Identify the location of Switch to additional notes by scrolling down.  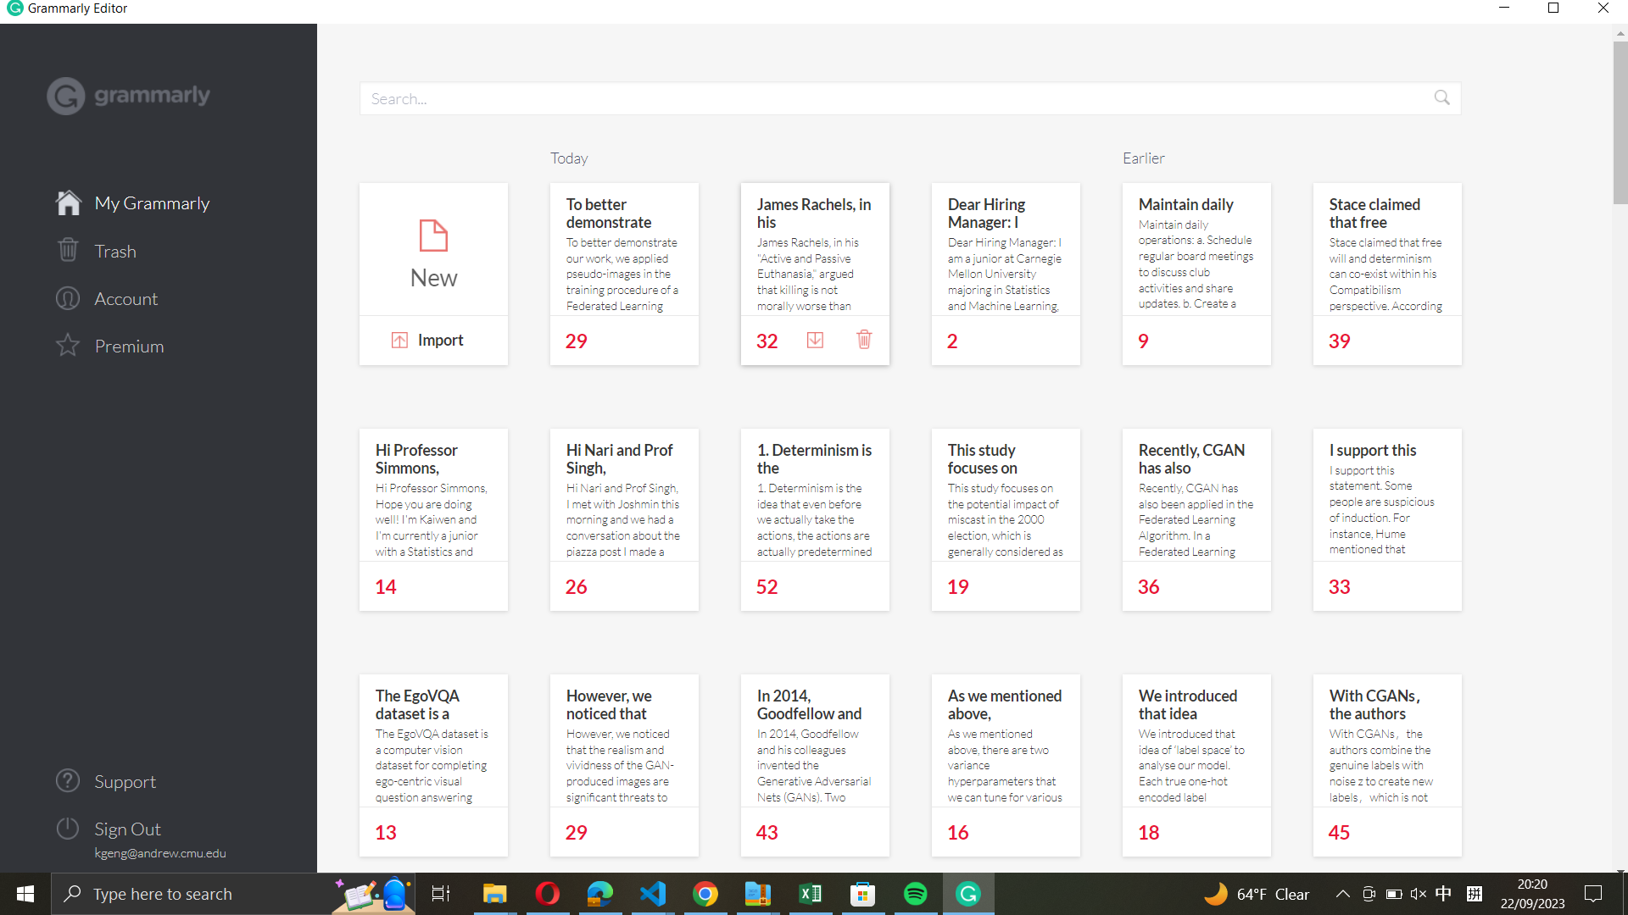
(962, 498).